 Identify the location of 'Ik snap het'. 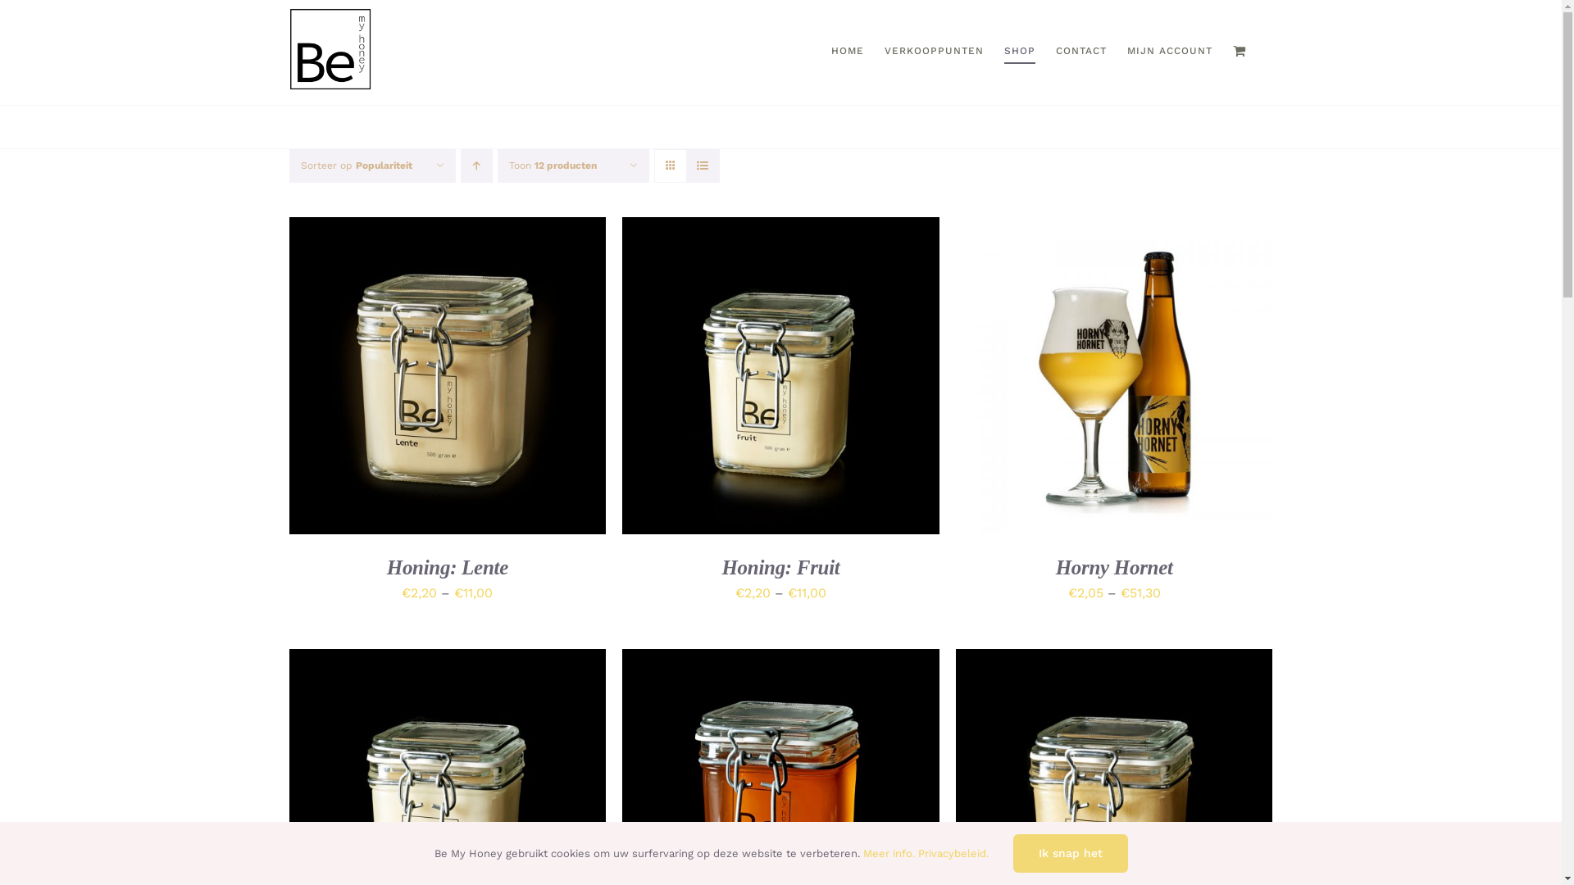
(1070, 852).